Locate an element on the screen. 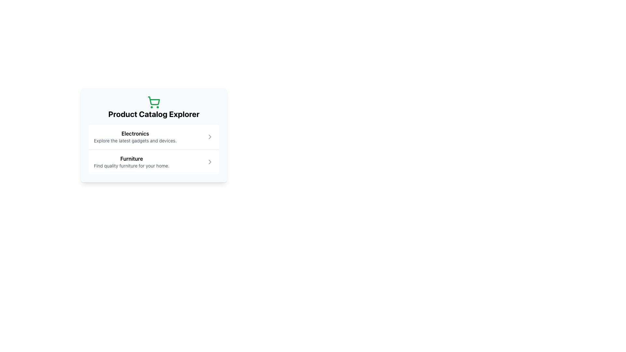 This screenshot has width=626, height=352. text label that displays 'Explore the latest gadgets and devices.' located beneath the 'Electronics' heading is located at coordinates (135, 140).